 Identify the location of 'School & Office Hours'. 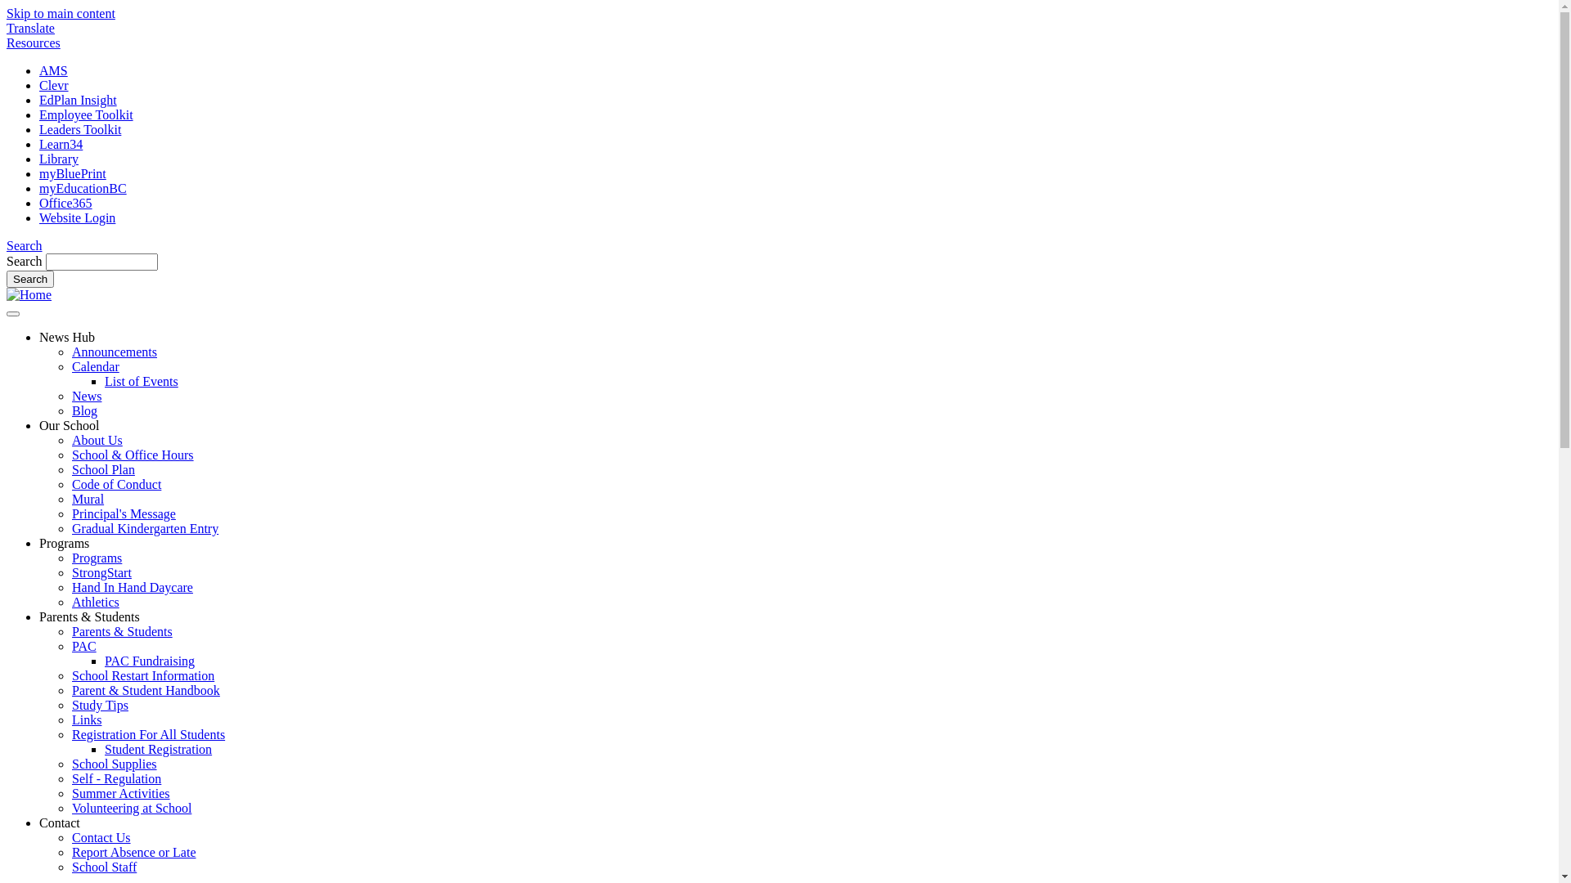
(133, 455).